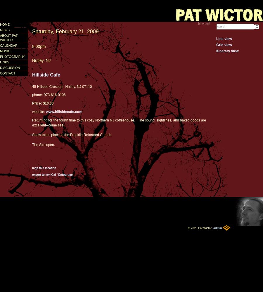 Image resolution: width=263 pixels, height=292 pixels. Describe the element at coordinates (12, 56) in the screenshot. I see `'photography'` at that location.